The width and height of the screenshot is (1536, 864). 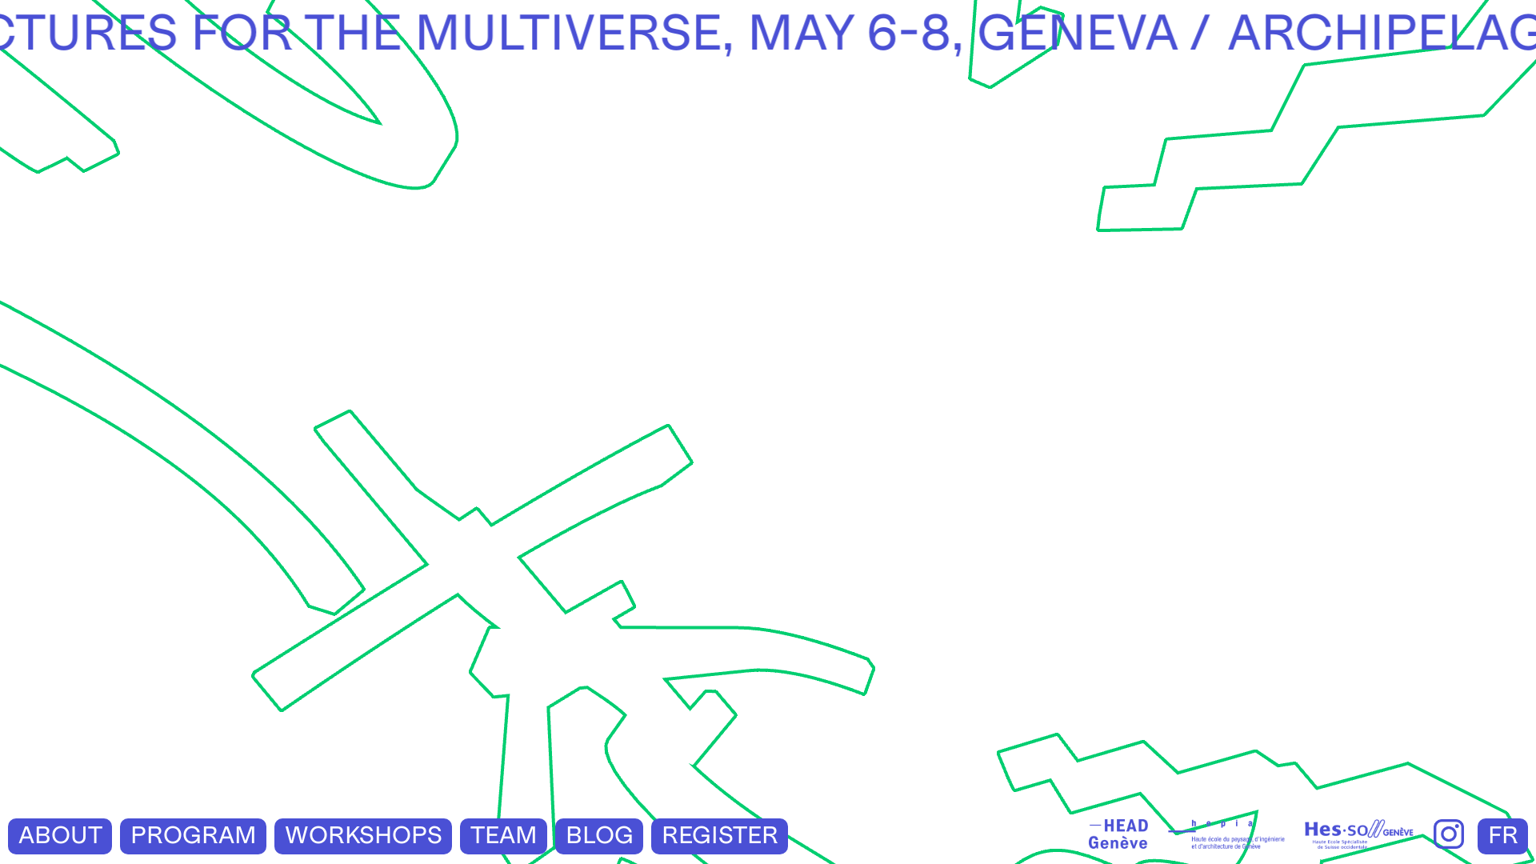 I want to click on 'TEAM', so click(x=502, y=834).